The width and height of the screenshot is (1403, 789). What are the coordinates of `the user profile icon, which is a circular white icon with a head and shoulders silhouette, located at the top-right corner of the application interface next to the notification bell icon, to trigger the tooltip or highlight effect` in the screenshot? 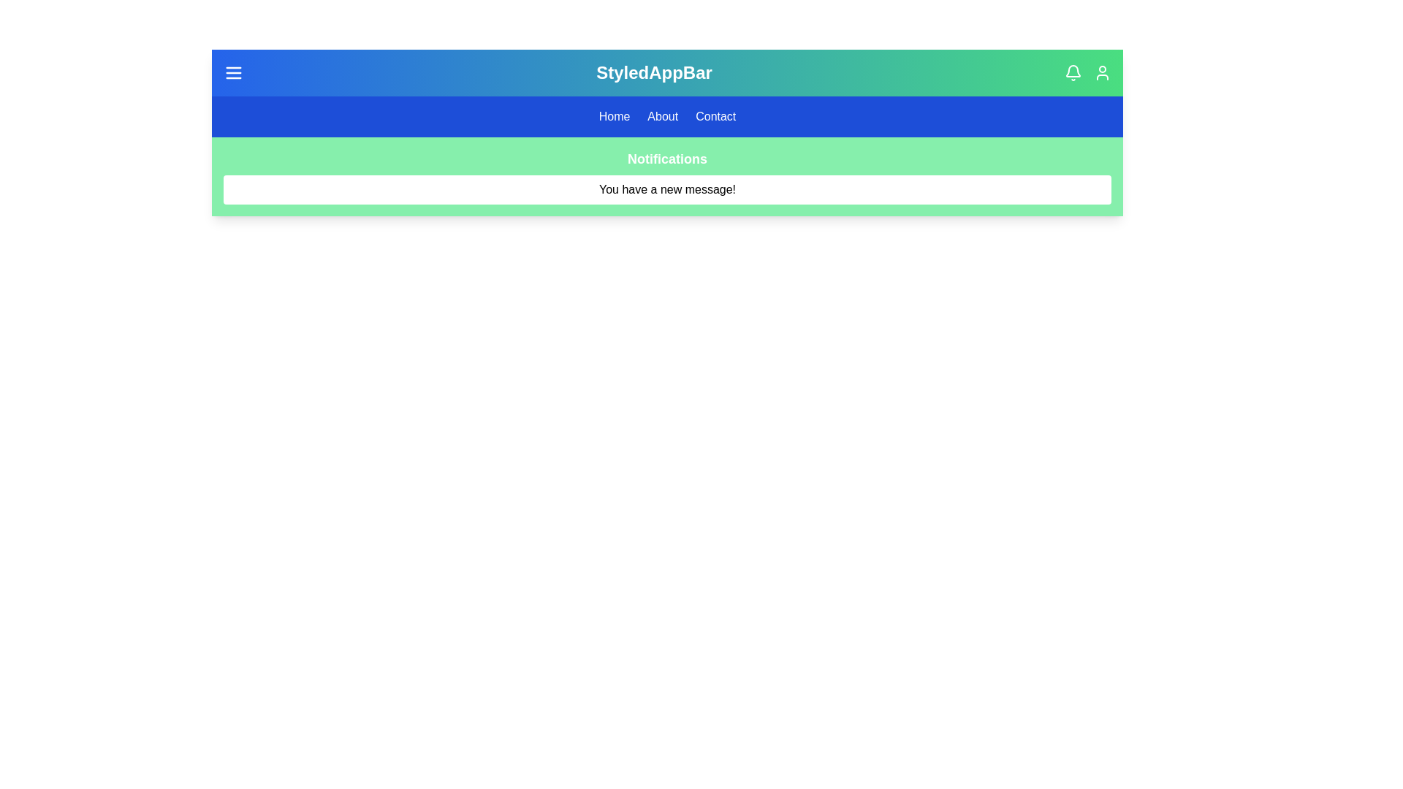 It's located at (1102, 73).